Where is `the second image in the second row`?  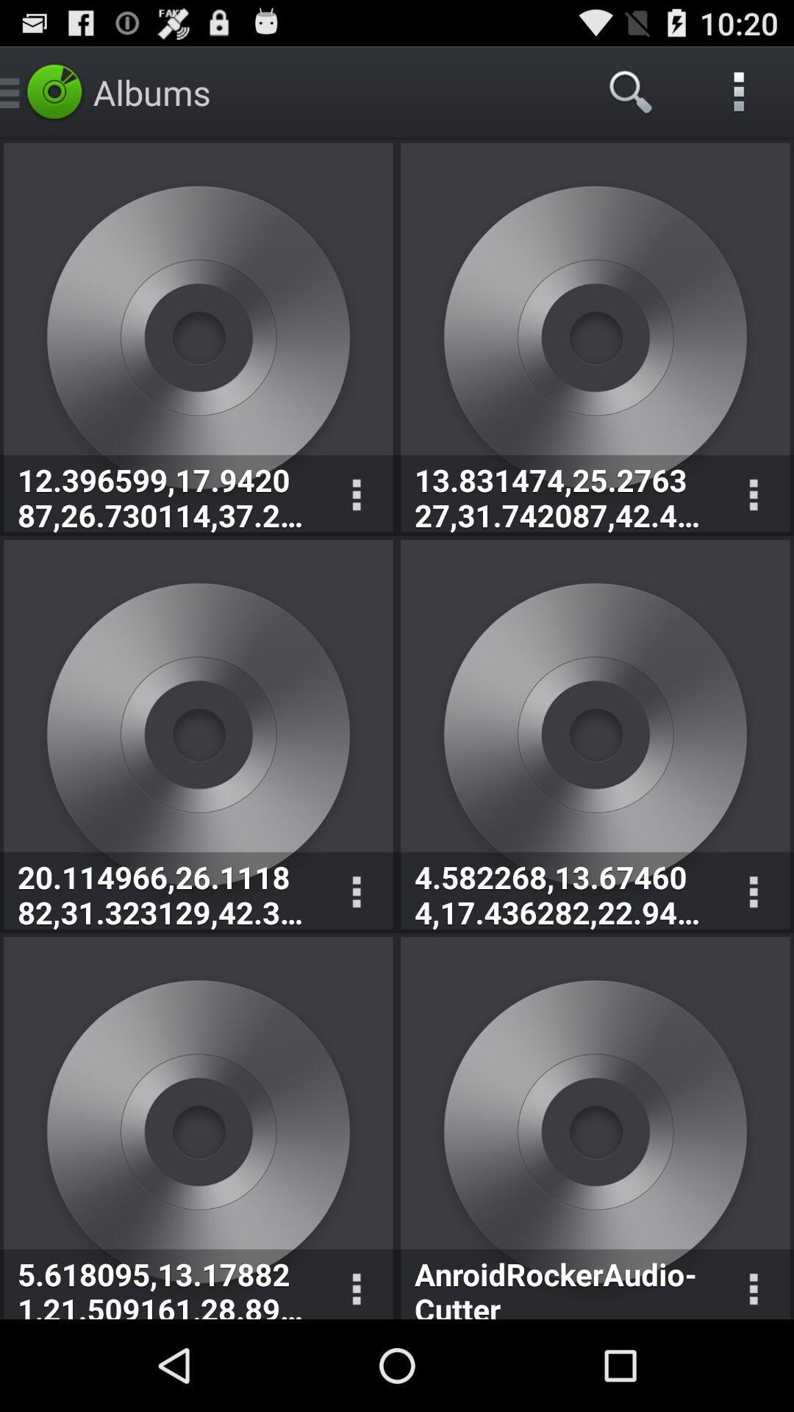 the second image in the second row is located at coordinates (595, 734).